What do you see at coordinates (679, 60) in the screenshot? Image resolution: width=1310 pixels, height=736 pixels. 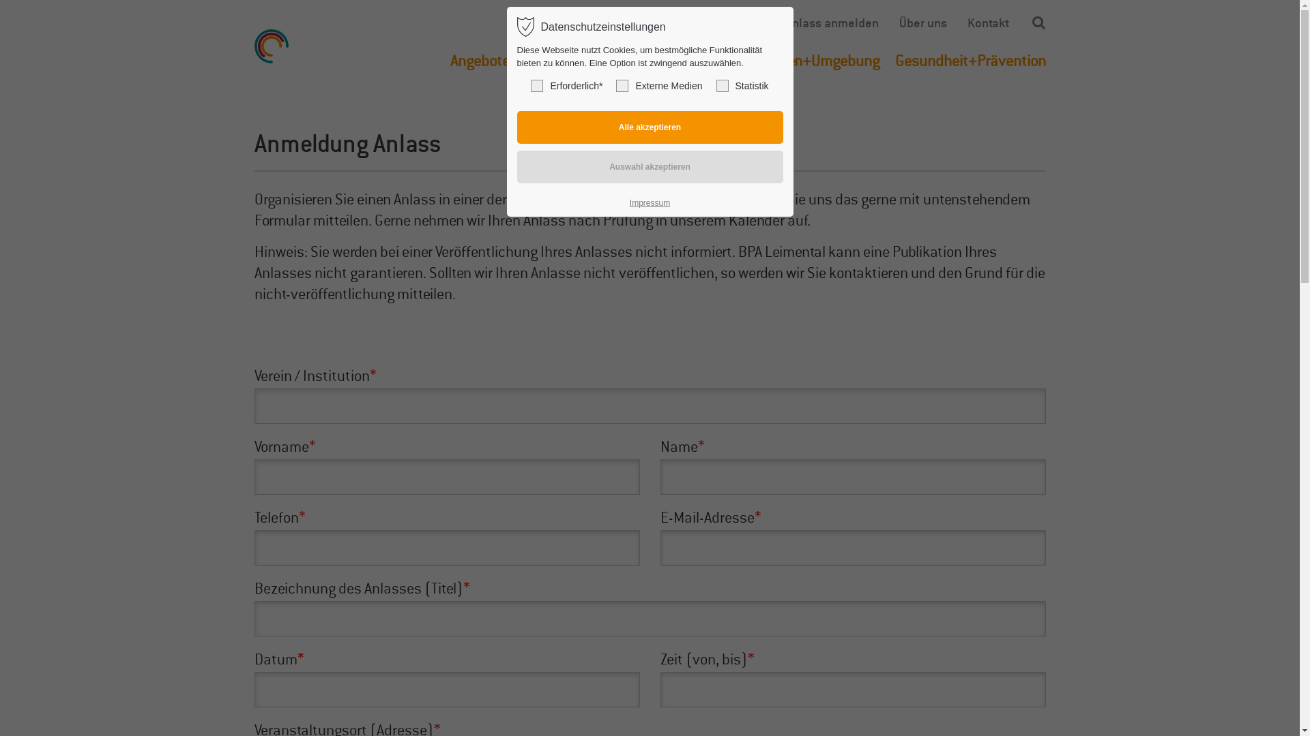 I see `'Betreuung+Pflege'` at bounding box center [679, 60].